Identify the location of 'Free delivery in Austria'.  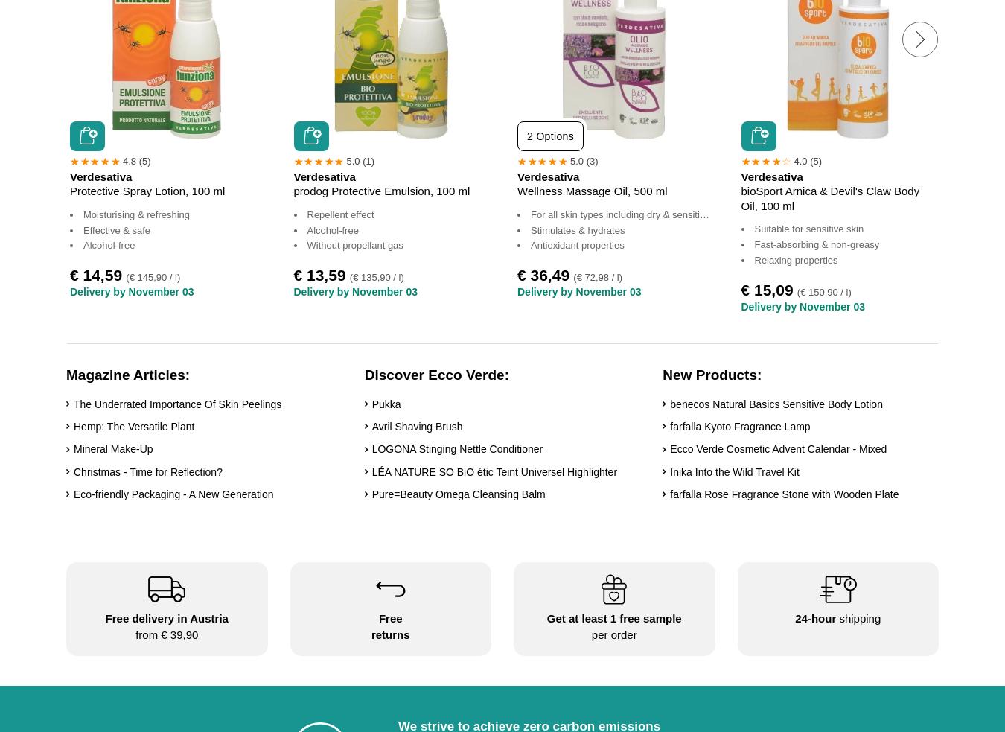
(166, 617).